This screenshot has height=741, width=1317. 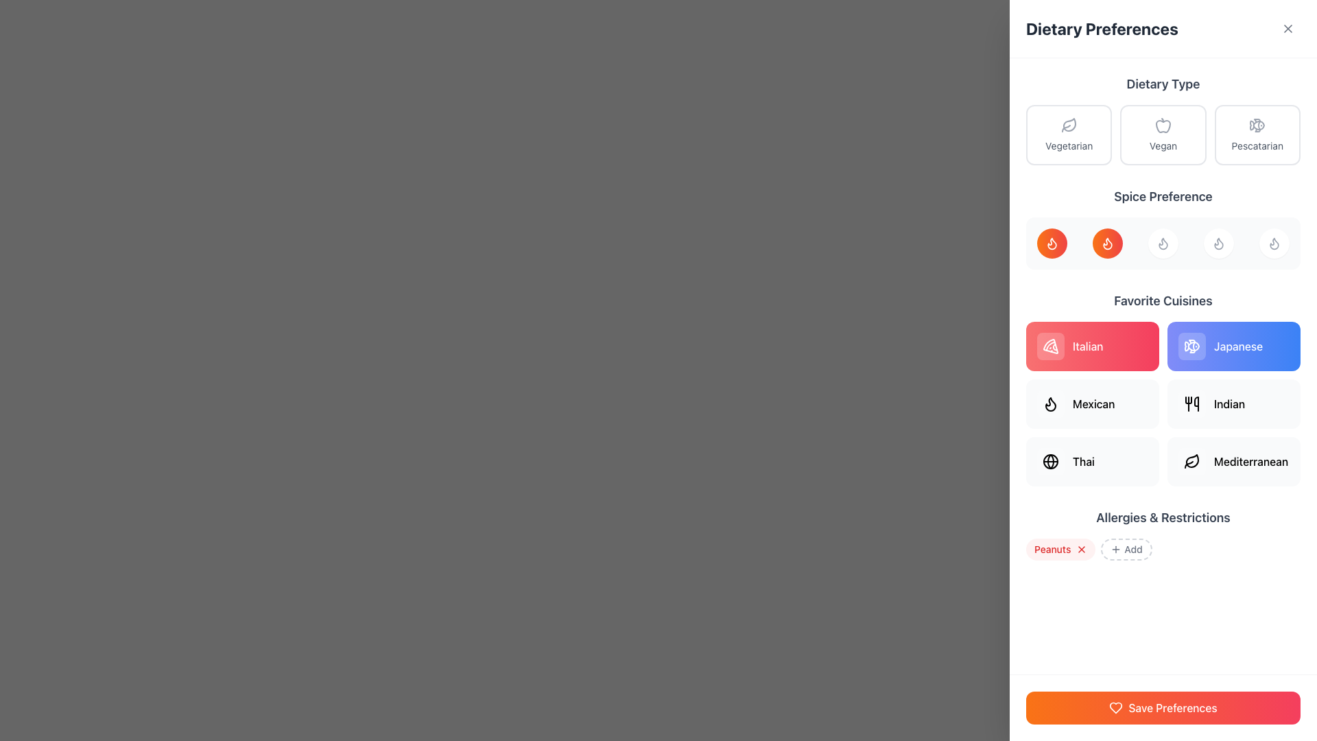 I want to click on the SVG Circle element, which is a circular shape with a radius of 10 units, centered within a globe-like SVG icon, so click(x=1049, y=461).